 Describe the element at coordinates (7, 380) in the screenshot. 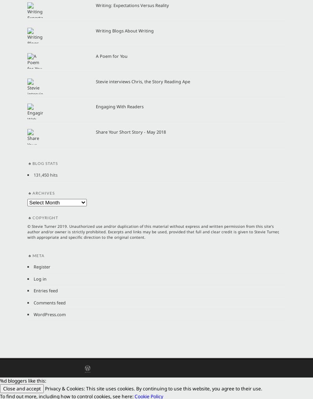

I see `'bloggers like this:'` at that location.